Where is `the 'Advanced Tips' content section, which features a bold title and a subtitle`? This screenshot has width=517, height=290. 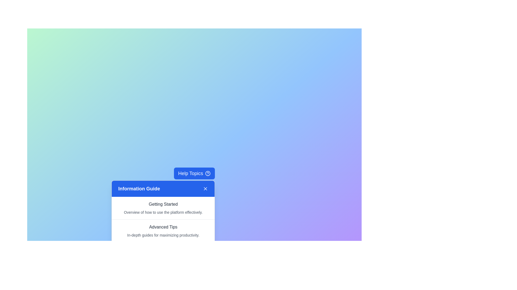 the 'Advanced Tips' content section, which features a bold title and a subtitle is located at coordinates (163, 230).